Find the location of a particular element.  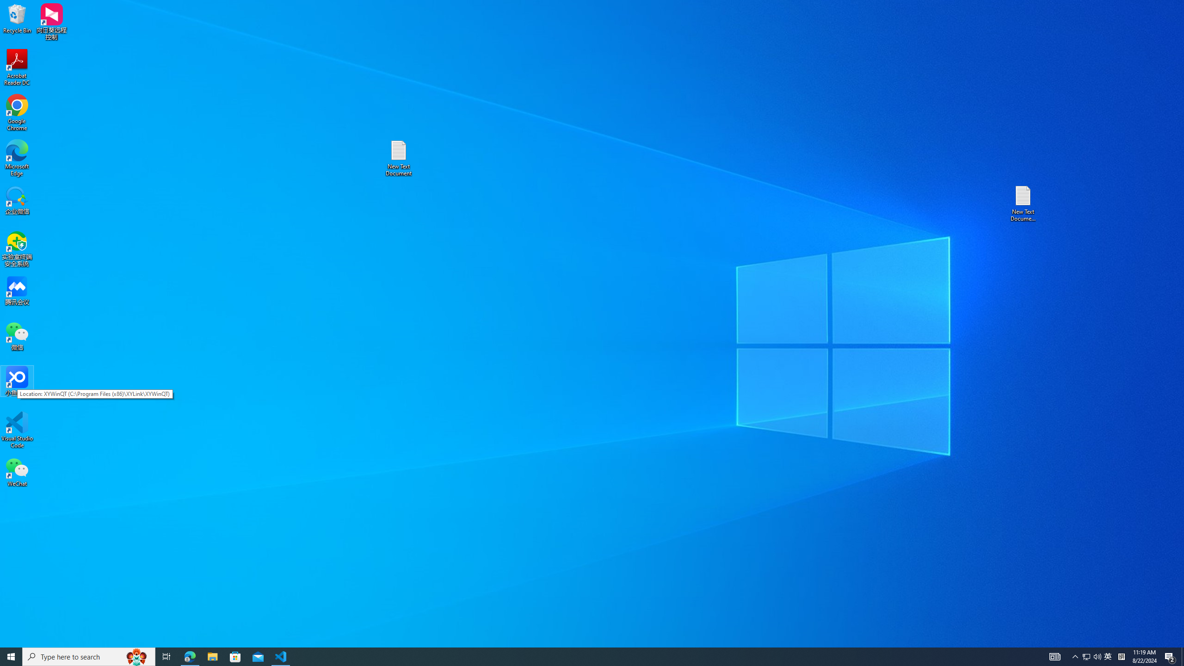

'Task View' is located at coordinates (166, 656).